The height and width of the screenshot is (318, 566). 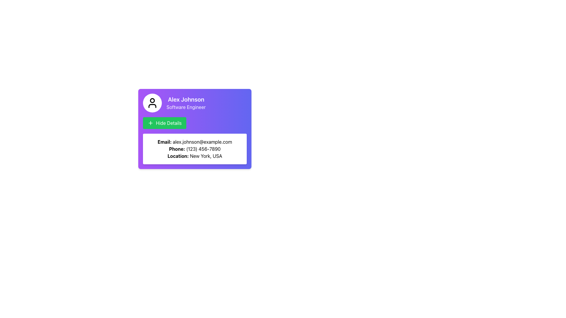 What do you see at coordinates (195, 103) in the screenshot?
I see `the text content displaying 'Alex Johnson' and 'Software Engineer' with a user icon on the left, located on a purple-to-indigo gradient background` at bounding box center [195, 103].